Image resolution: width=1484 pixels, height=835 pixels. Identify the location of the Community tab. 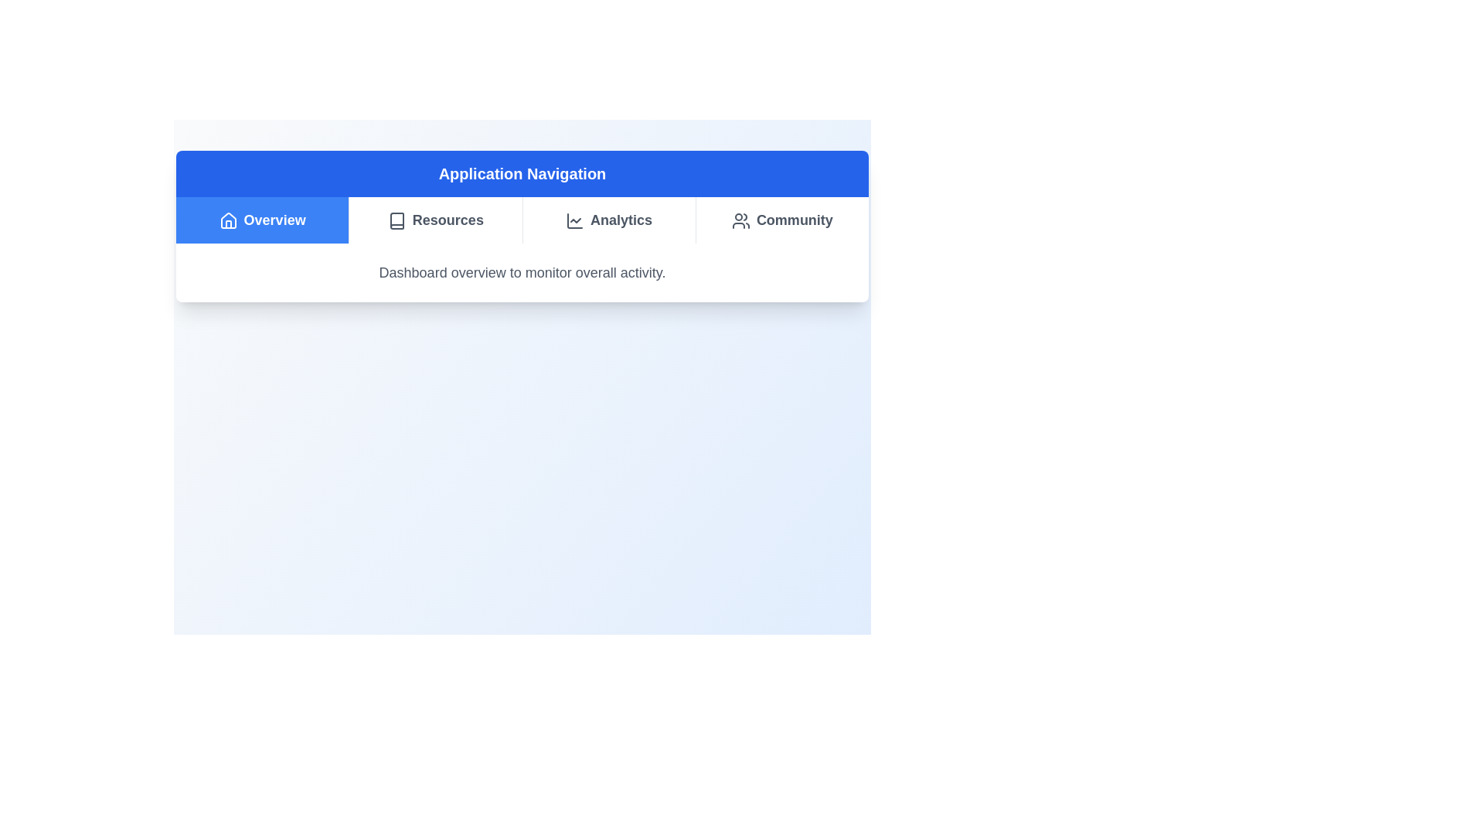
(781, 220).